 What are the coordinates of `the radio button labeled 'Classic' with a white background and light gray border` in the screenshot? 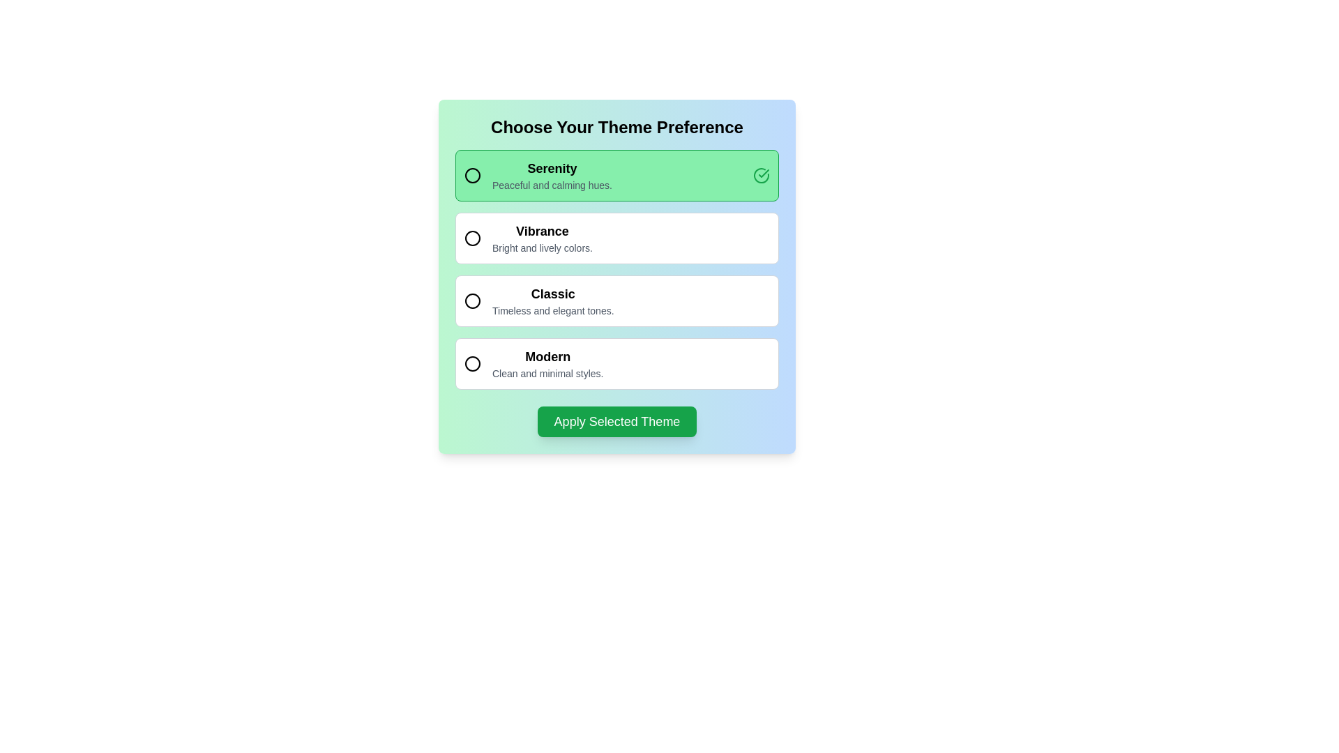 It's located at (616, 301).